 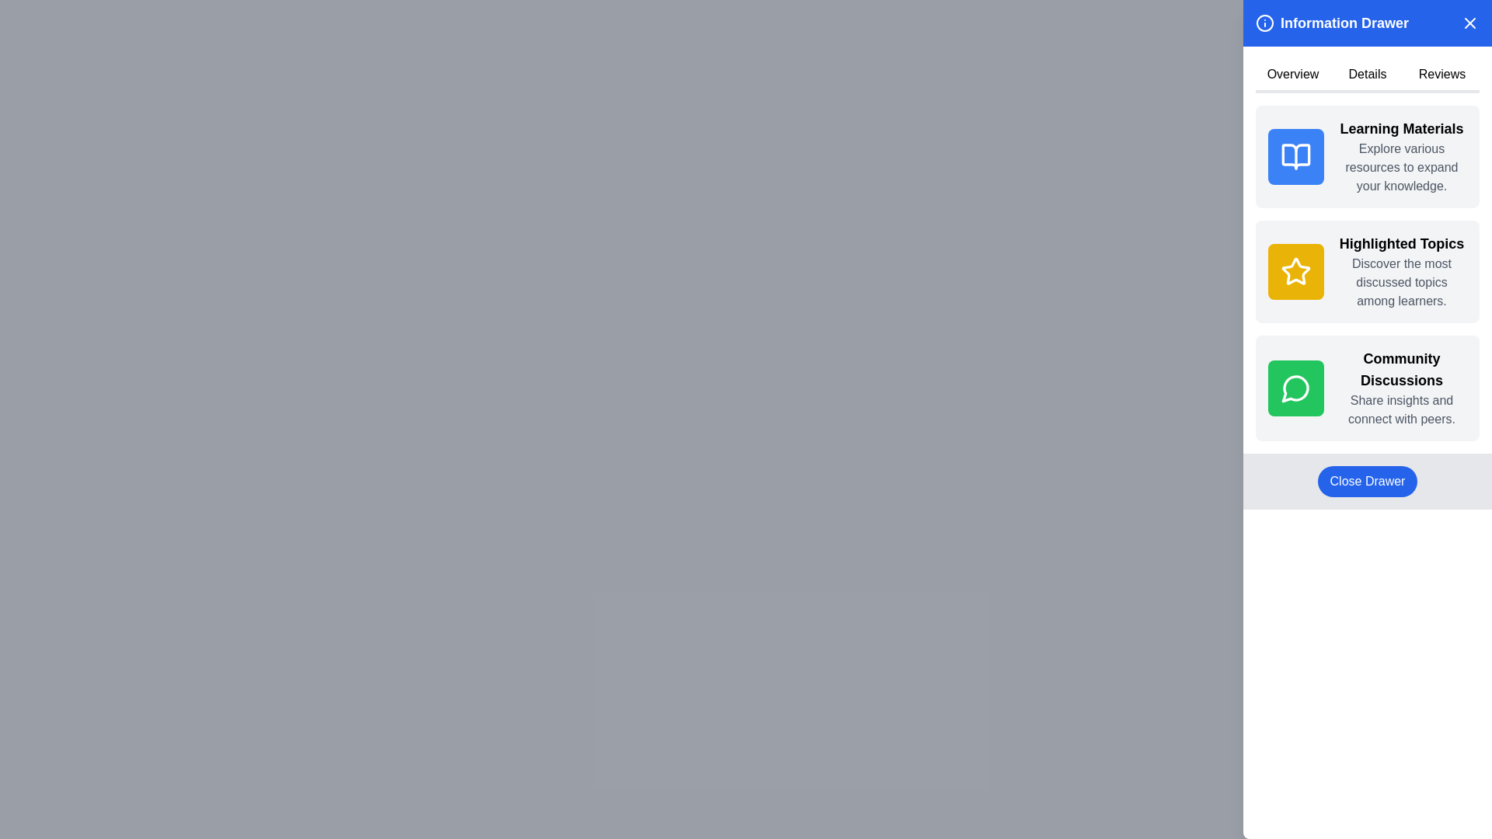 What do you see at coordinates (1368, 75) in the screenshot?
I see `the second tab from the left in the 'Information Drawer' panel` at bounding box center [1368, 75].